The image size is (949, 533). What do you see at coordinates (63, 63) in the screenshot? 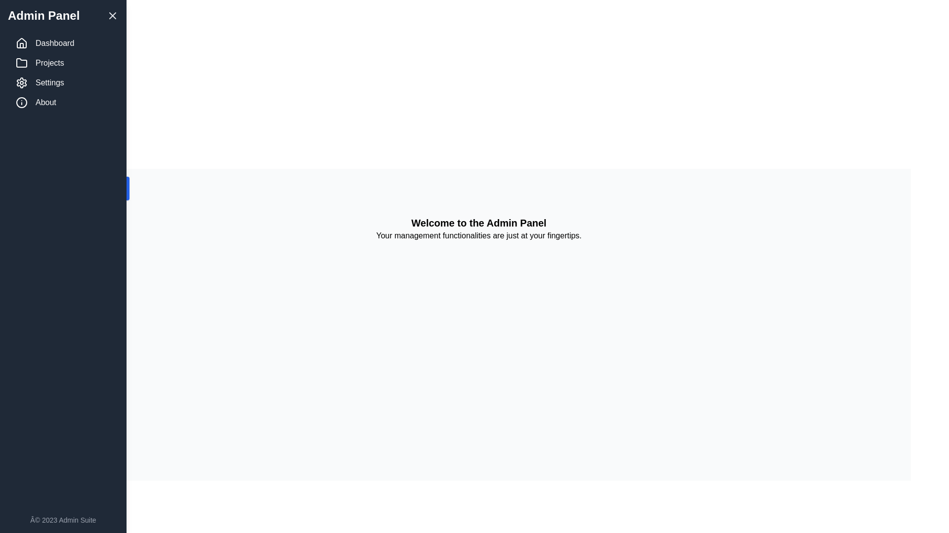
I see `the 'Projects' button located in the vertical sidebar, which is the second menu item below 'Dashboard' and above 'Settings'` at bounding box center [63, 63].